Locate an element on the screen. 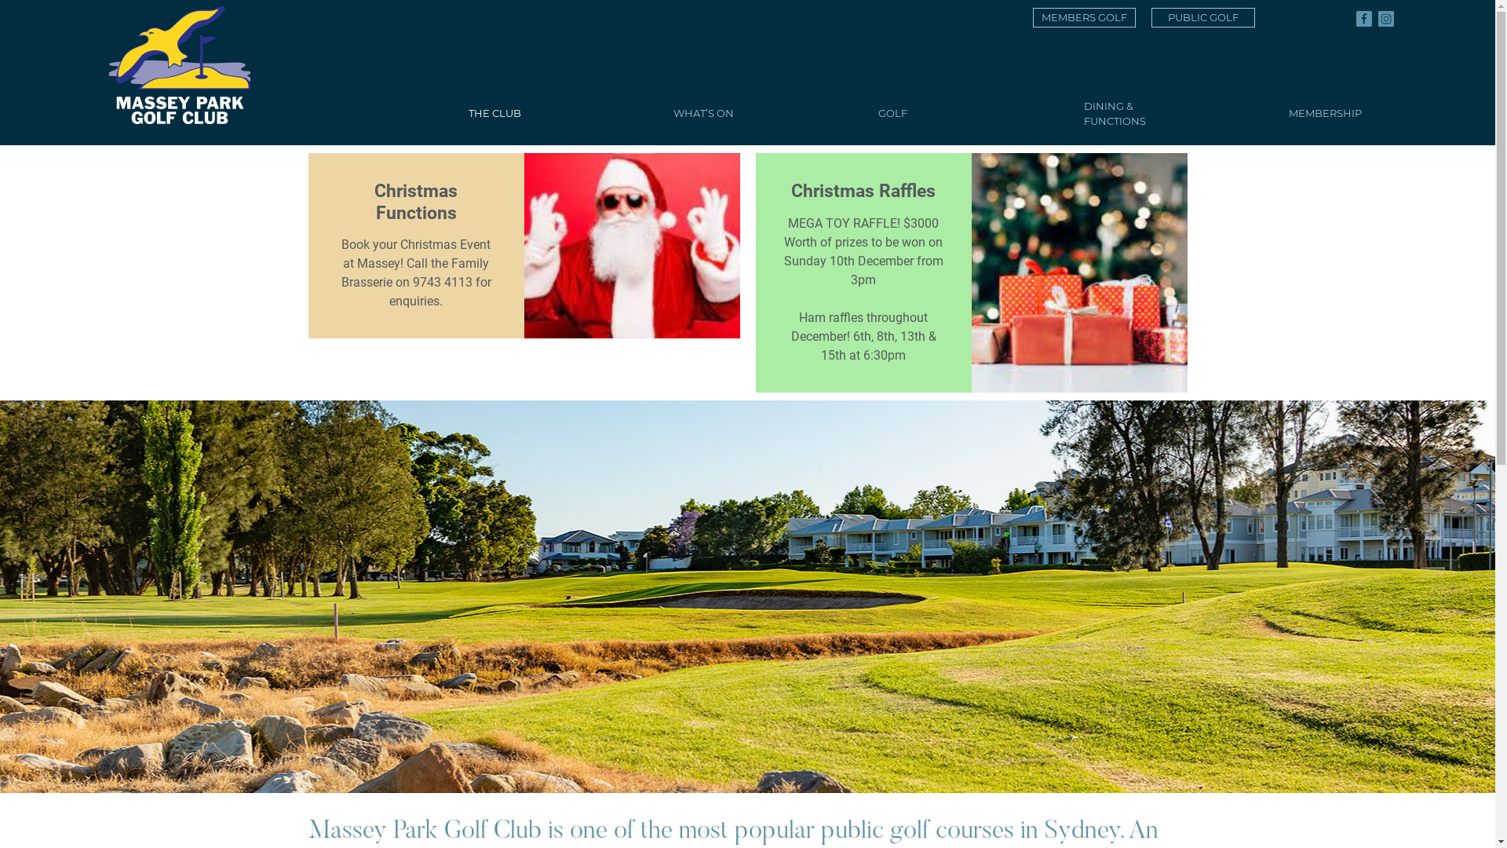 The height and width of the screenshot is (848, 1507). 'PUBLIC GOLF' is located at coordinates (1202, 17).